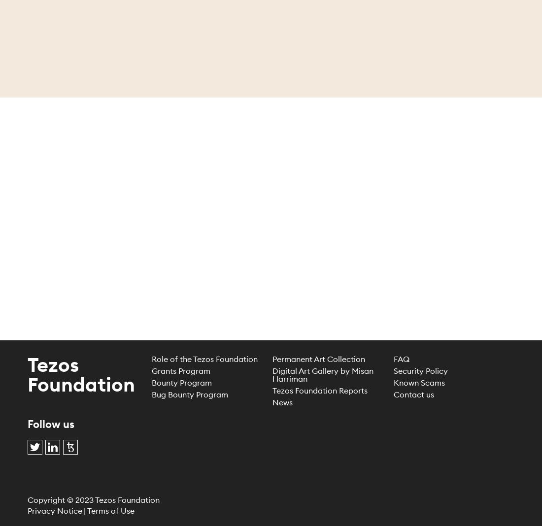 This screenshot has width=542, height=526. Describe the element at coordinates (271, 192) in the screenshot. I see `'Our weekly news can be found in our news section. You can contact us regarding questions about our issued reports.'` at that location.